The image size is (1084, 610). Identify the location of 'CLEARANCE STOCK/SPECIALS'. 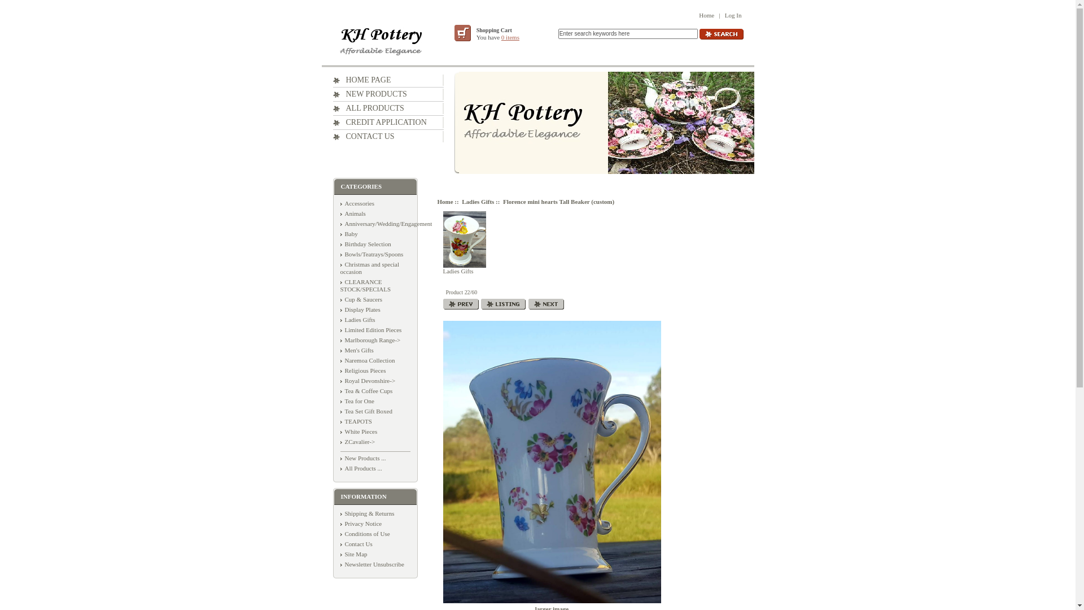
(365, 285).